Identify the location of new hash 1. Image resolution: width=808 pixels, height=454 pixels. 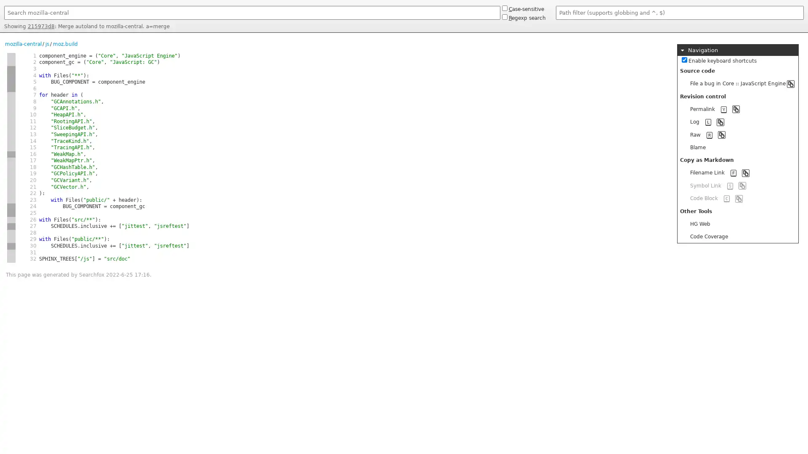
(11, 55).